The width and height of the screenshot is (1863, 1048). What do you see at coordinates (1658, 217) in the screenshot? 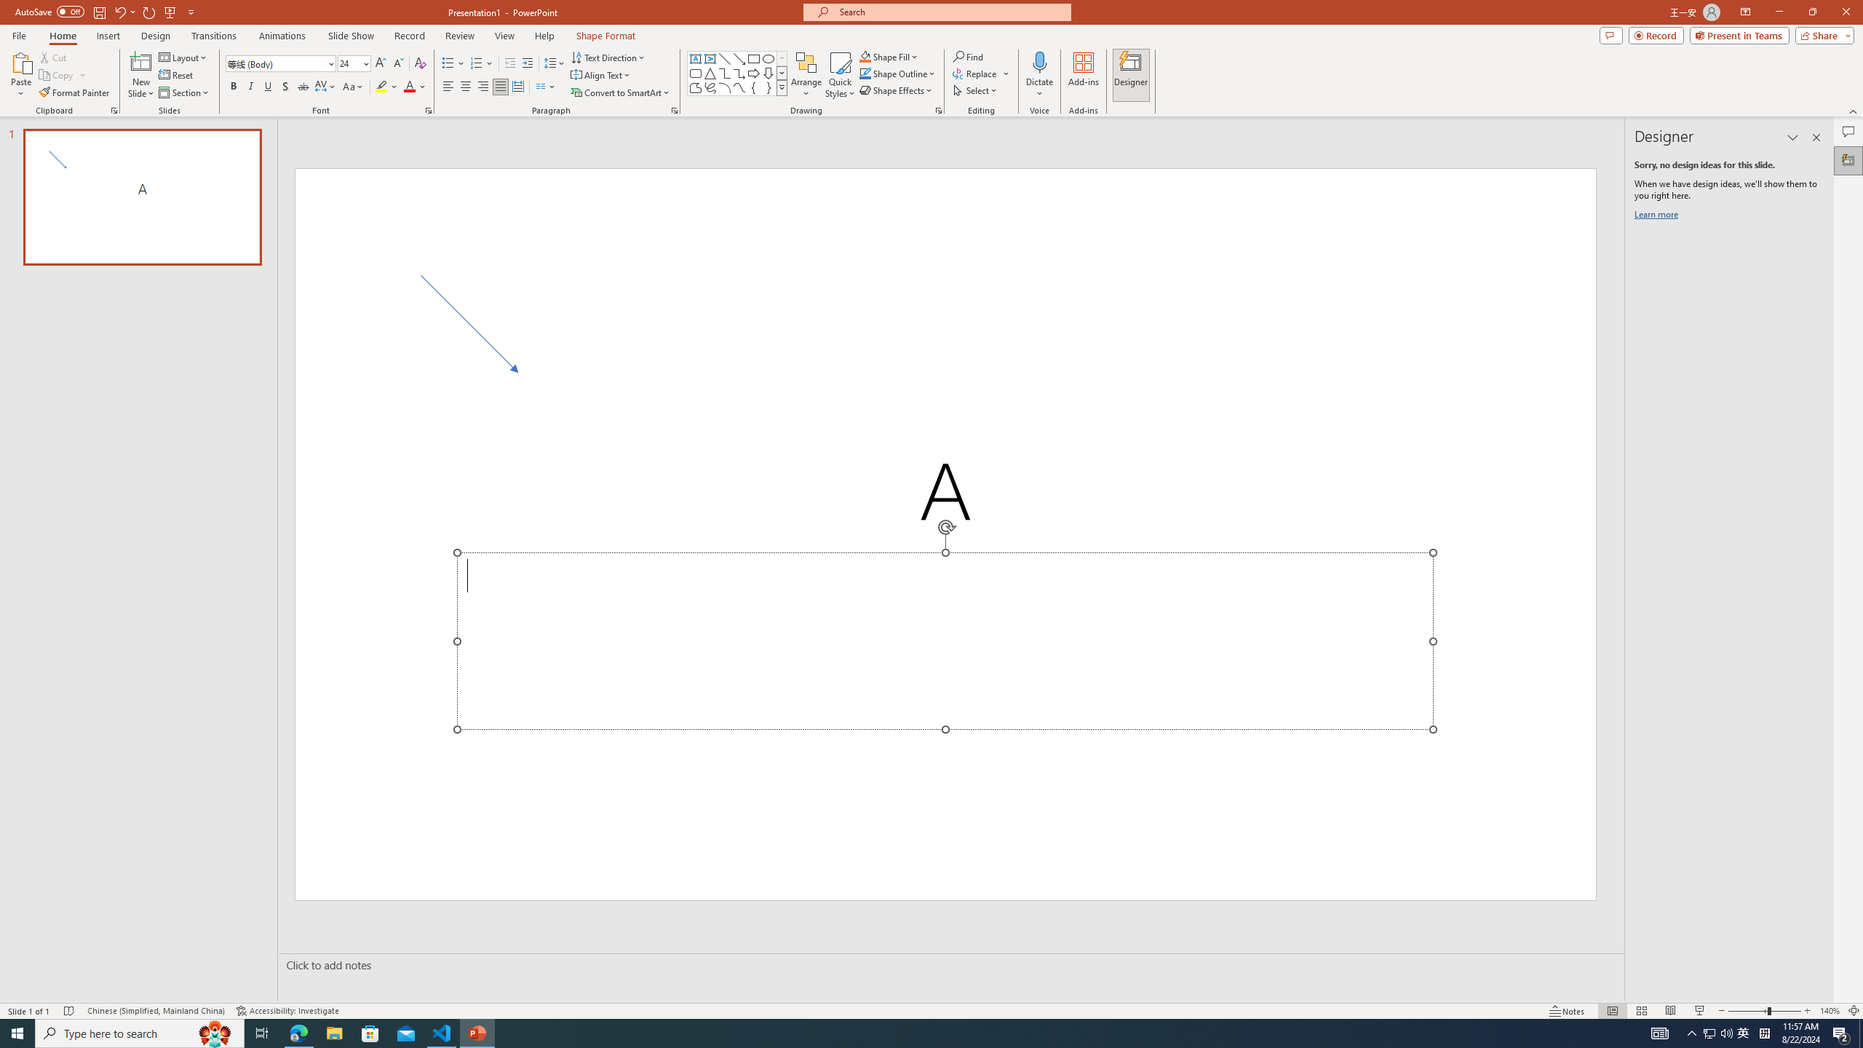
I see `'Learn more'` at bounding box center [1658, 217].